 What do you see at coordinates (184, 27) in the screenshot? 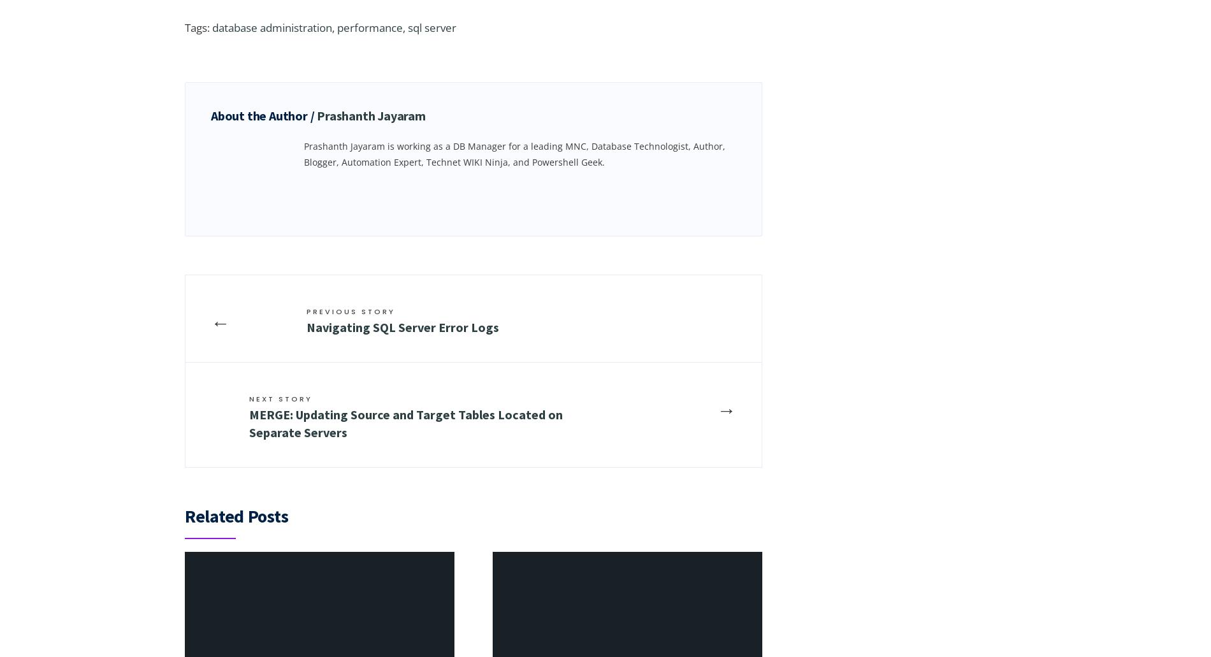
I see `'Tags:'` at bounding box center [184, 27].